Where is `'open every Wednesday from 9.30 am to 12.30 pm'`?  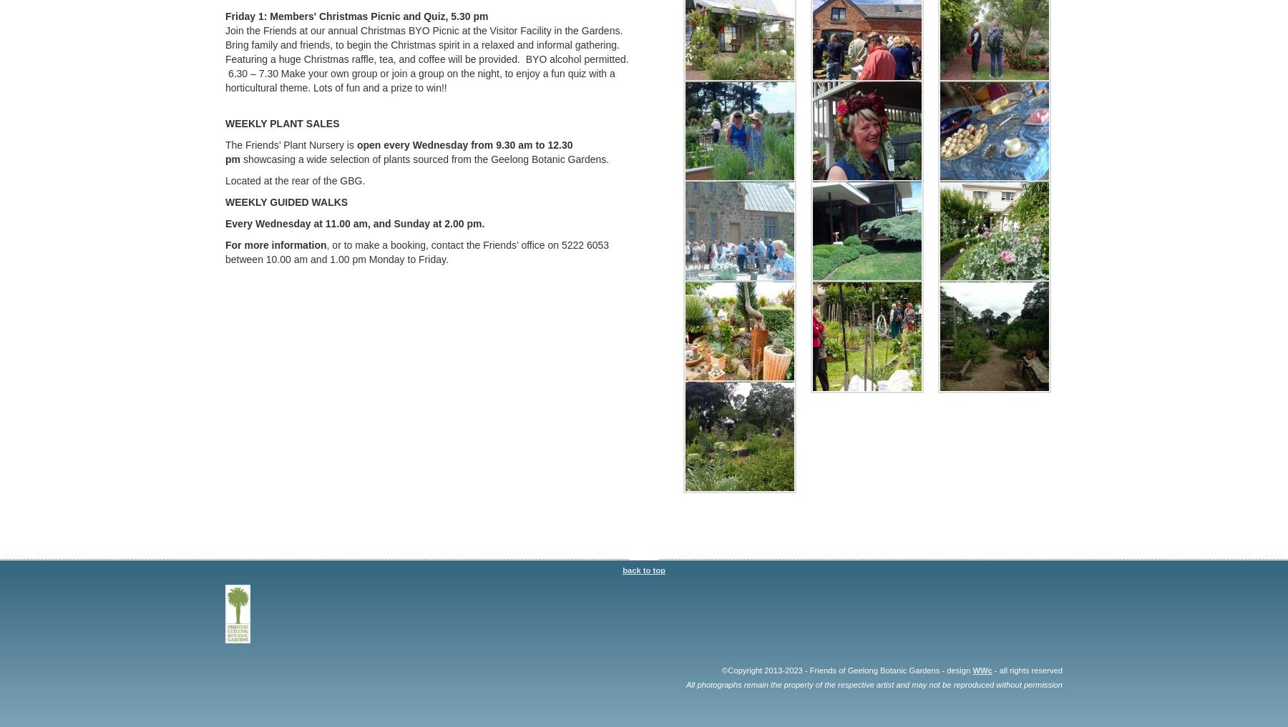 'open every Wednesday from 9.30 am to 12.30 pm' is located at coordinates (398, 152).